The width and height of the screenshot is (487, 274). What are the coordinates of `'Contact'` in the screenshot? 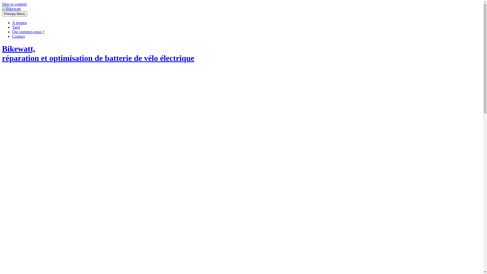 It's located at (18, 36).